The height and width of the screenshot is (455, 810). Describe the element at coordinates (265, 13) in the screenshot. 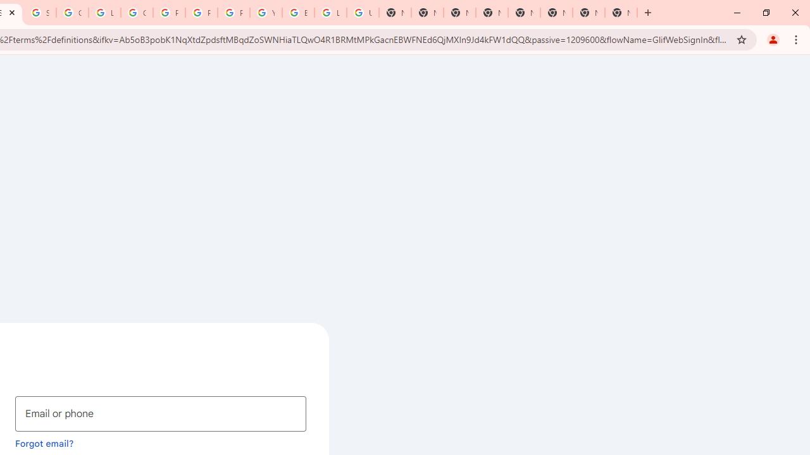

I see `'YouTube'` at that location.